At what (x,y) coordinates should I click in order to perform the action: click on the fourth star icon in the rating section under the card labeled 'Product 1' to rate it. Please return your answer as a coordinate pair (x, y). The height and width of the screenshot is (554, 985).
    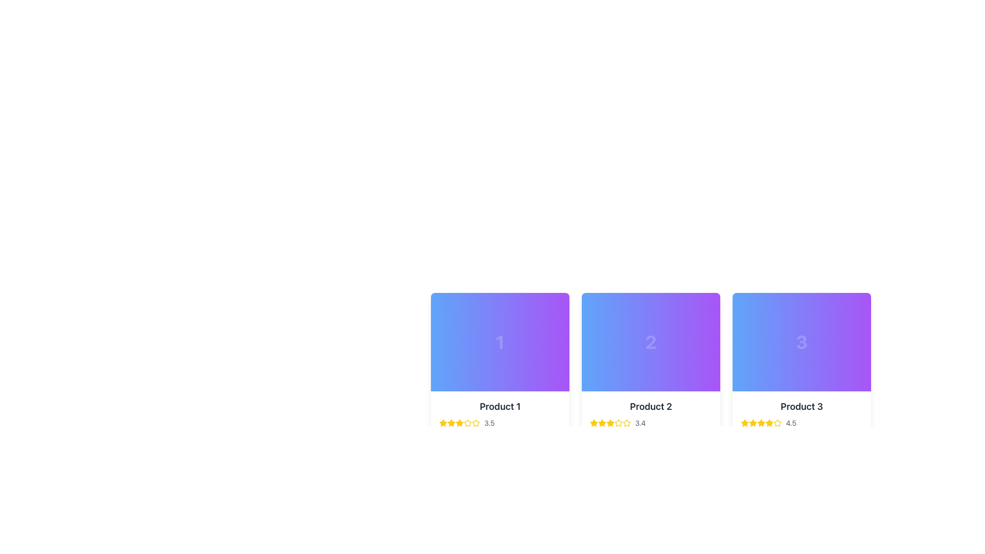
    Looking at the image, I should click on (467, 423).